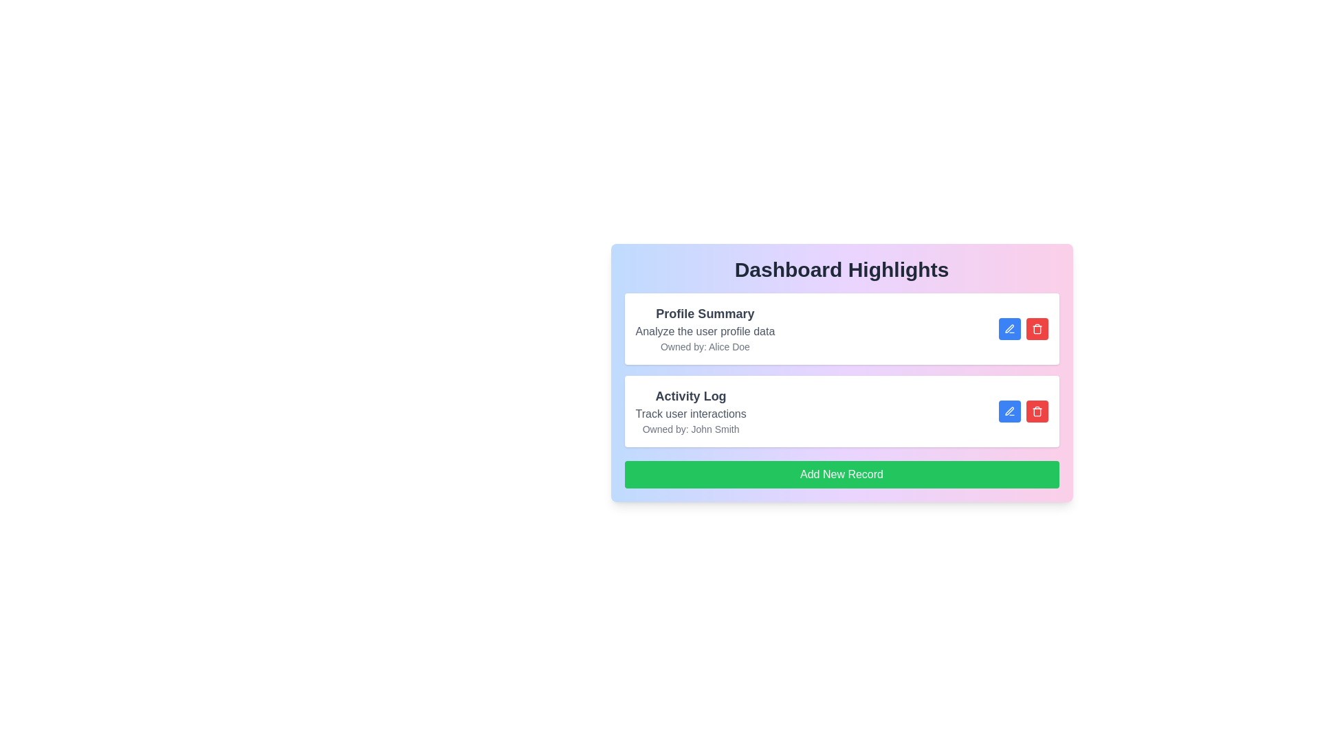 Image resolution: width=1320 pixels, height=742 pixels. What do you see at coordinates (1037, 412) in the screenshot?
I see `the middle part of the trash can icon located at the bottom-right corner of the 'Activity Log' card under 'Dashboard Highlights'` at bounding box center [1037, 412].